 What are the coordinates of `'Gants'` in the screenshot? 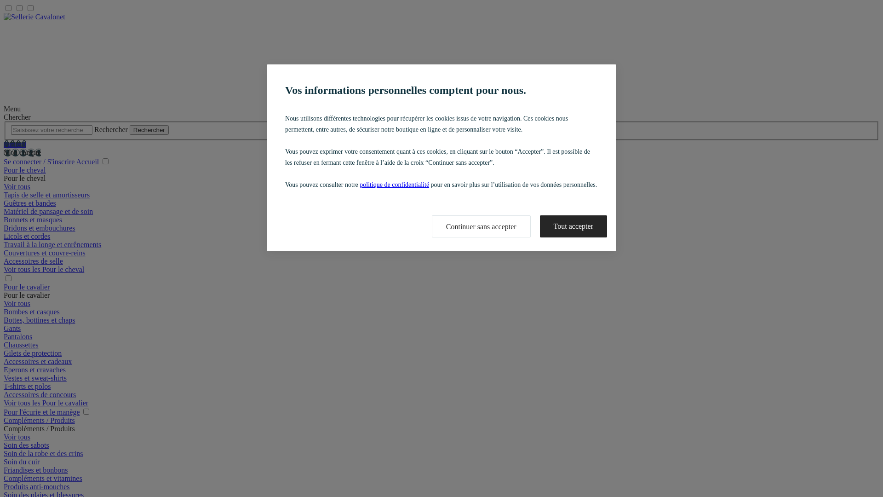 It's located at (4, 328).